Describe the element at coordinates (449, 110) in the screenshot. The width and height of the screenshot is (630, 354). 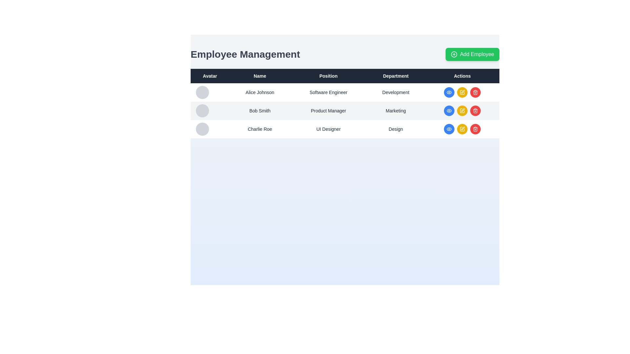
I see `the 'view' button located on the right side of the row corresponding to 'Bob Smith'` at that location.